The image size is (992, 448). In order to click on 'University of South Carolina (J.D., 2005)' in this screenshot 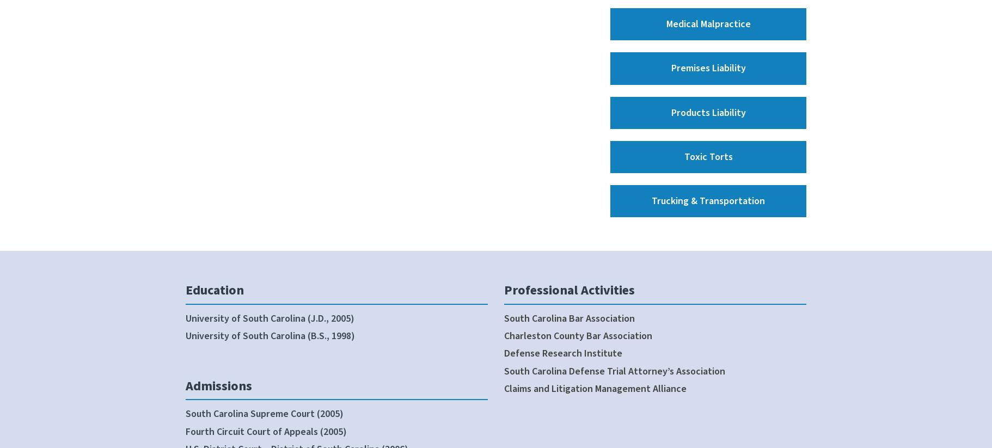, I will do `click(270, 318)`.